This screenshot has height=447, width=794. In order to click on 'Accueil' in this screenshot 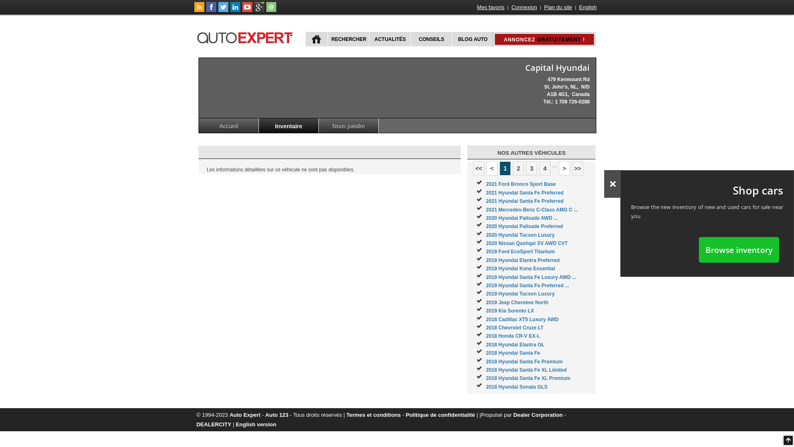, I will do `click(229, 125)`.